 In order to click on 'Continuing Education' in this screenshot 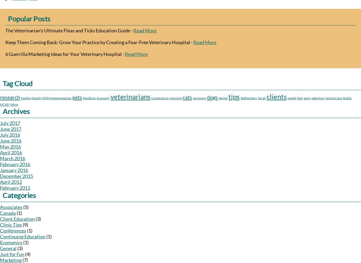, I will do `click(22, 237)`.